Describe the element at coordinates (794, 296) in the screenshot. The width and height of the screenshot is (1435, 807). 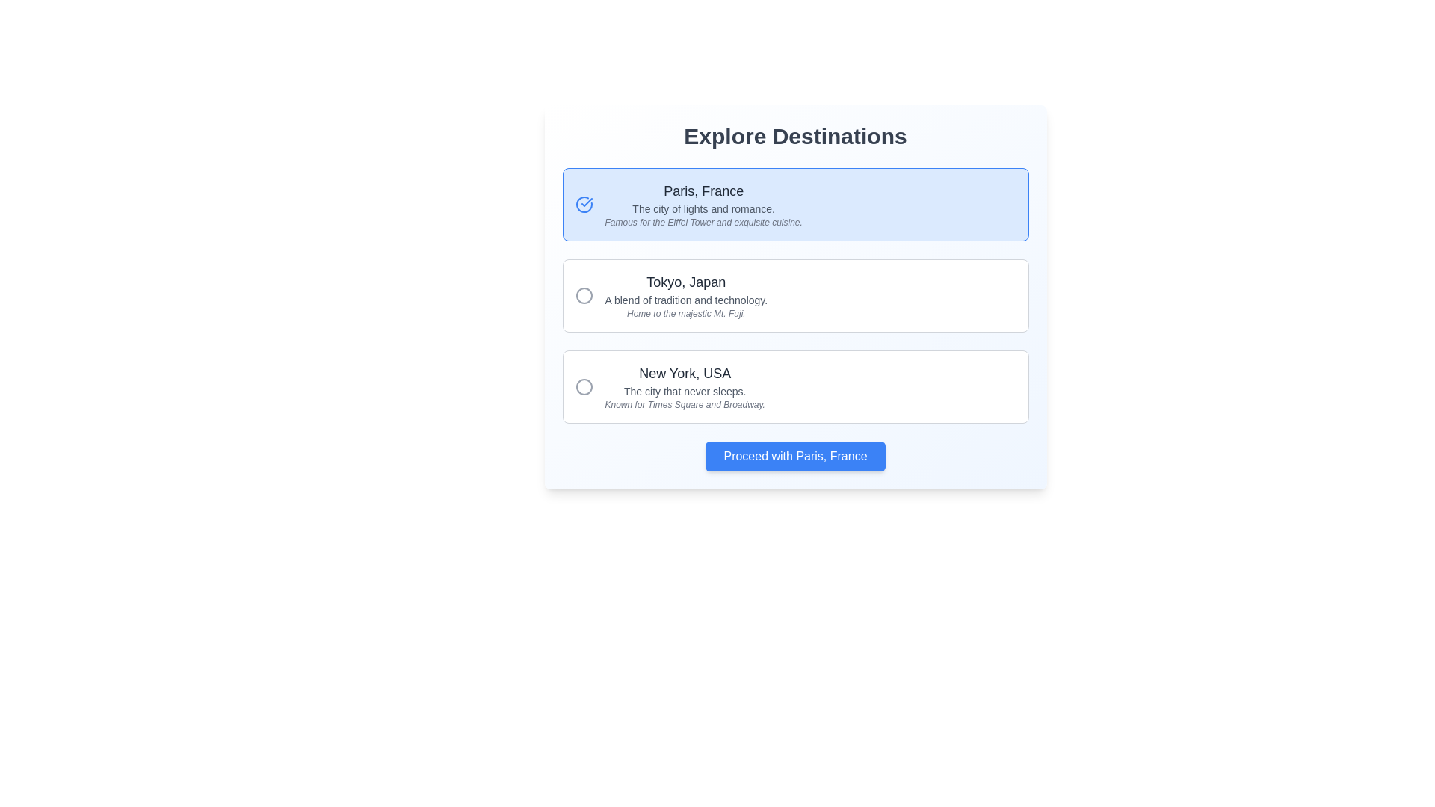
I see `the highlighted list item labeled 'Tokyo, Japan'` at that location.